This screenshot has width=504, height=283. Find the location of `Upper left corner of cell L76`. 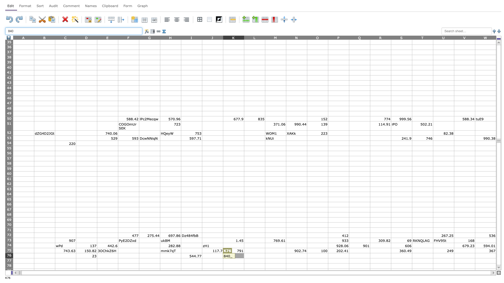

Upper left corner of cell L76 is located at coordinates (244, 253).